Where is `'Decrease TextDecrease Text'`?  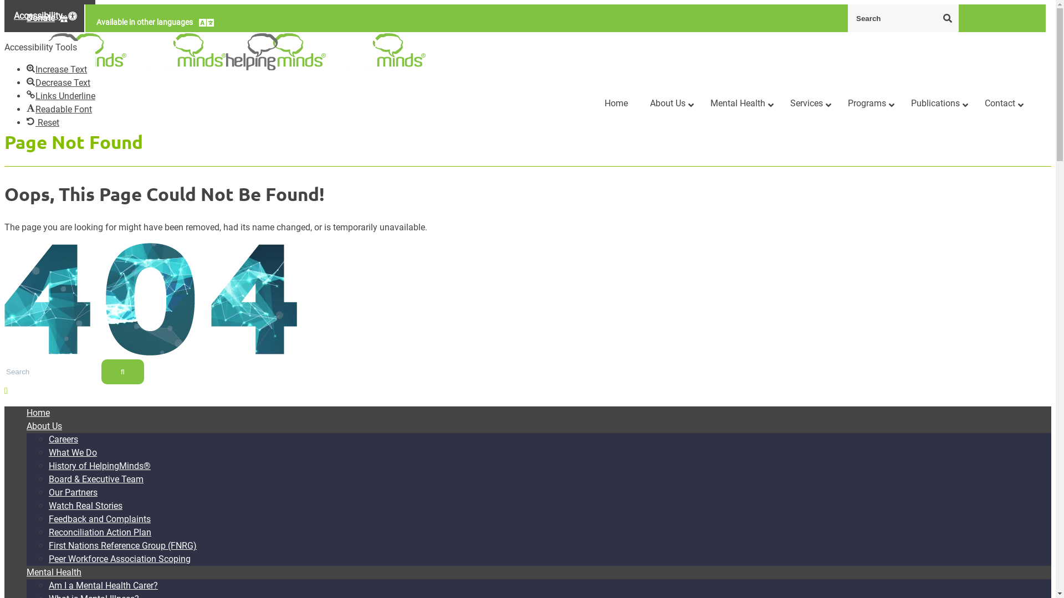 'Decrease TextDecrease Text' is located at coordinates (58, 82).